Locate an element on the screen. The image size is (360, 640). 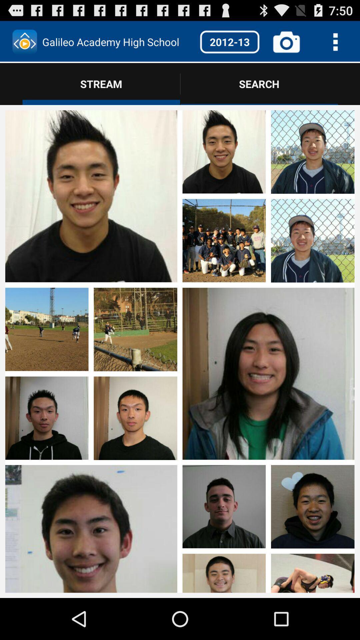
four top images is located at coordinates (268, 196).